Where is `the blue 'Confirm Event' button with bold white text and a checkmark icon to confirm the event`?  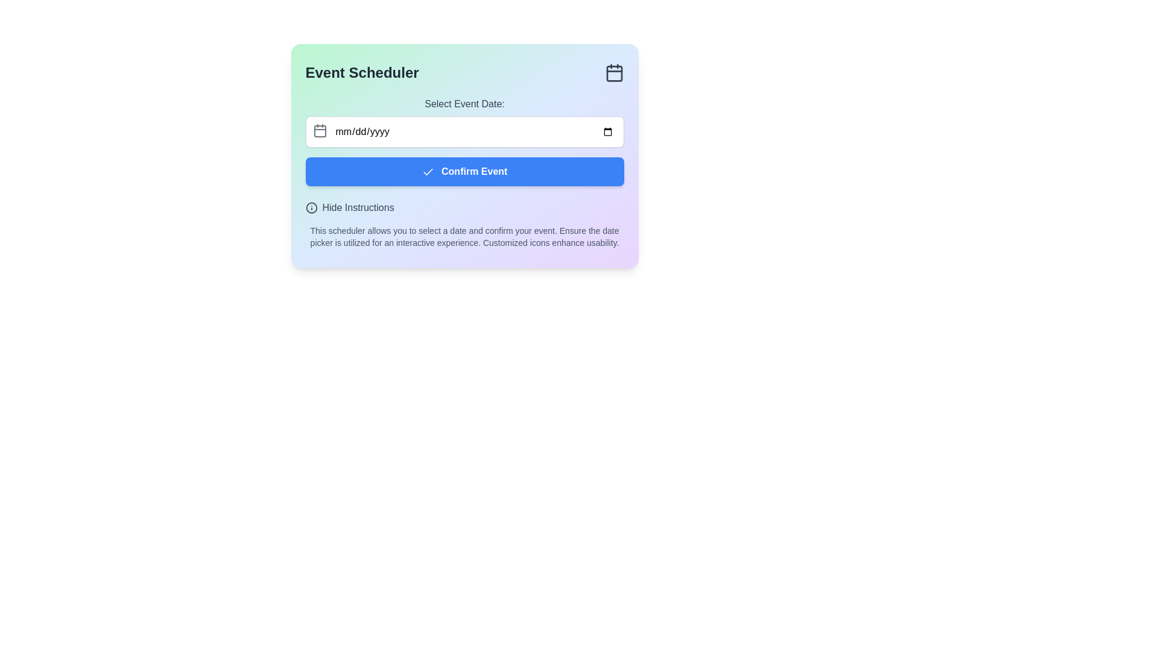 the blue 'Confirm Event' button with bold white text and a checkmark icon to confirm the event is located at coordinates (464, 172).